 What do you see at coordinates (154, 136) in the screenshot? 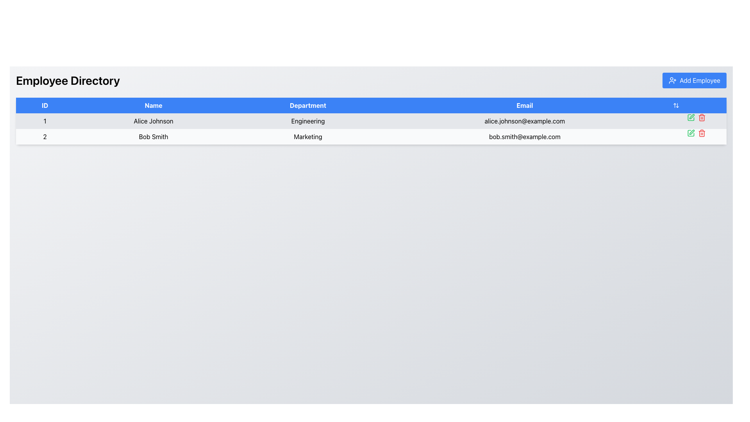
I see `the text label 'Bob Smith' located in the second column of the second row of the table, which displays employee details` at bounding box center [154, 136].